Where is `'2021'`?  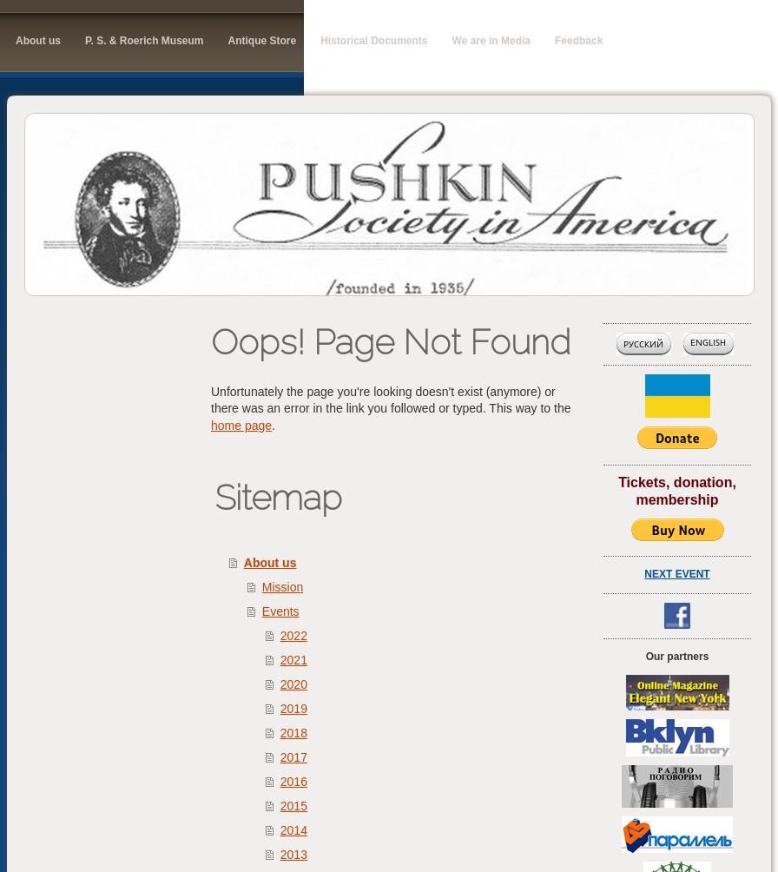
'2021' is located at coordinates (293, 659).